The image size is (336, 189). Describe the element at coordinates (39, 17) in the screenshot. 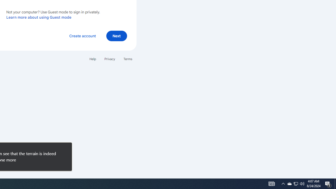

I see `'Learn more about using Guest mode'` at that location.